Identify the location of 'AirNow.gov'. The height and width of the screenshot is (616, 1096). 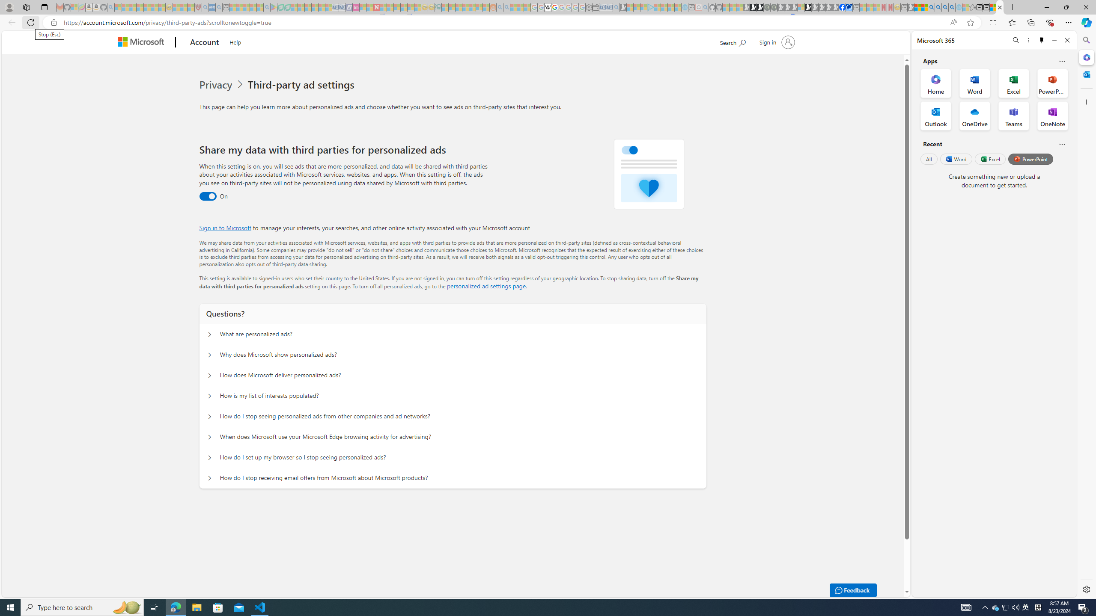
(848, 7).